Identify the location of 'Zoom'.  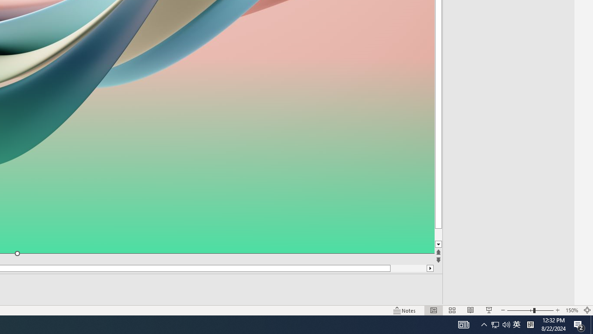
(530, 310).